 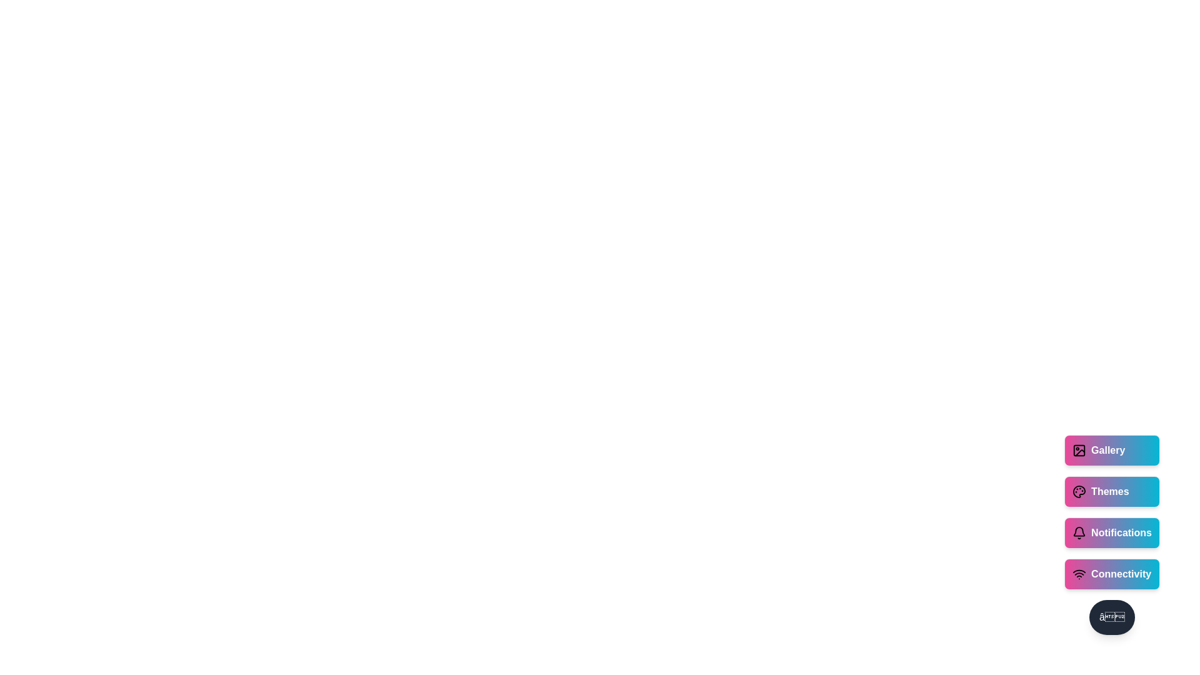 What do you see at coordinates (1079, 531) in the screenshot?
I see `the bell-shaped outline icon representing notifications or alerts, which is a subcomponent of the bell icon in the interface` at bounding box center [1079, 531].